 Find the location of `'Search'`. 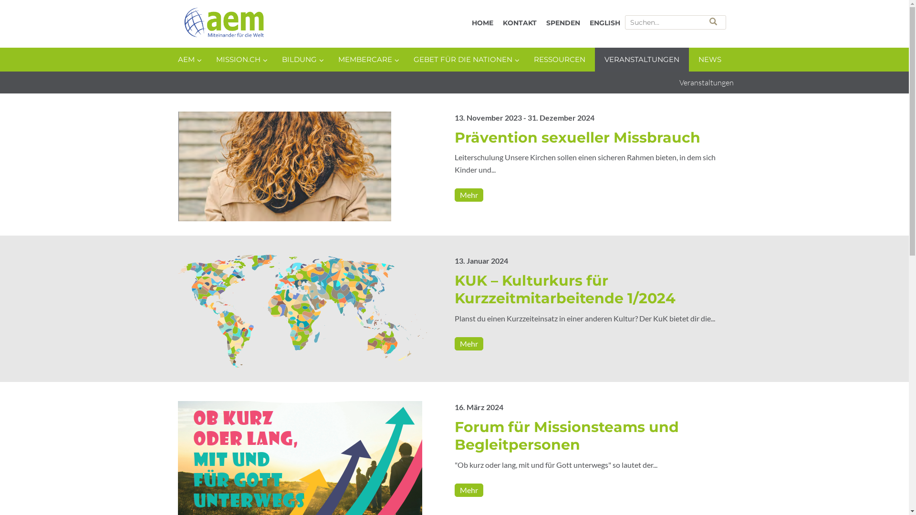

'Search' is located at coordinates (714, 21).